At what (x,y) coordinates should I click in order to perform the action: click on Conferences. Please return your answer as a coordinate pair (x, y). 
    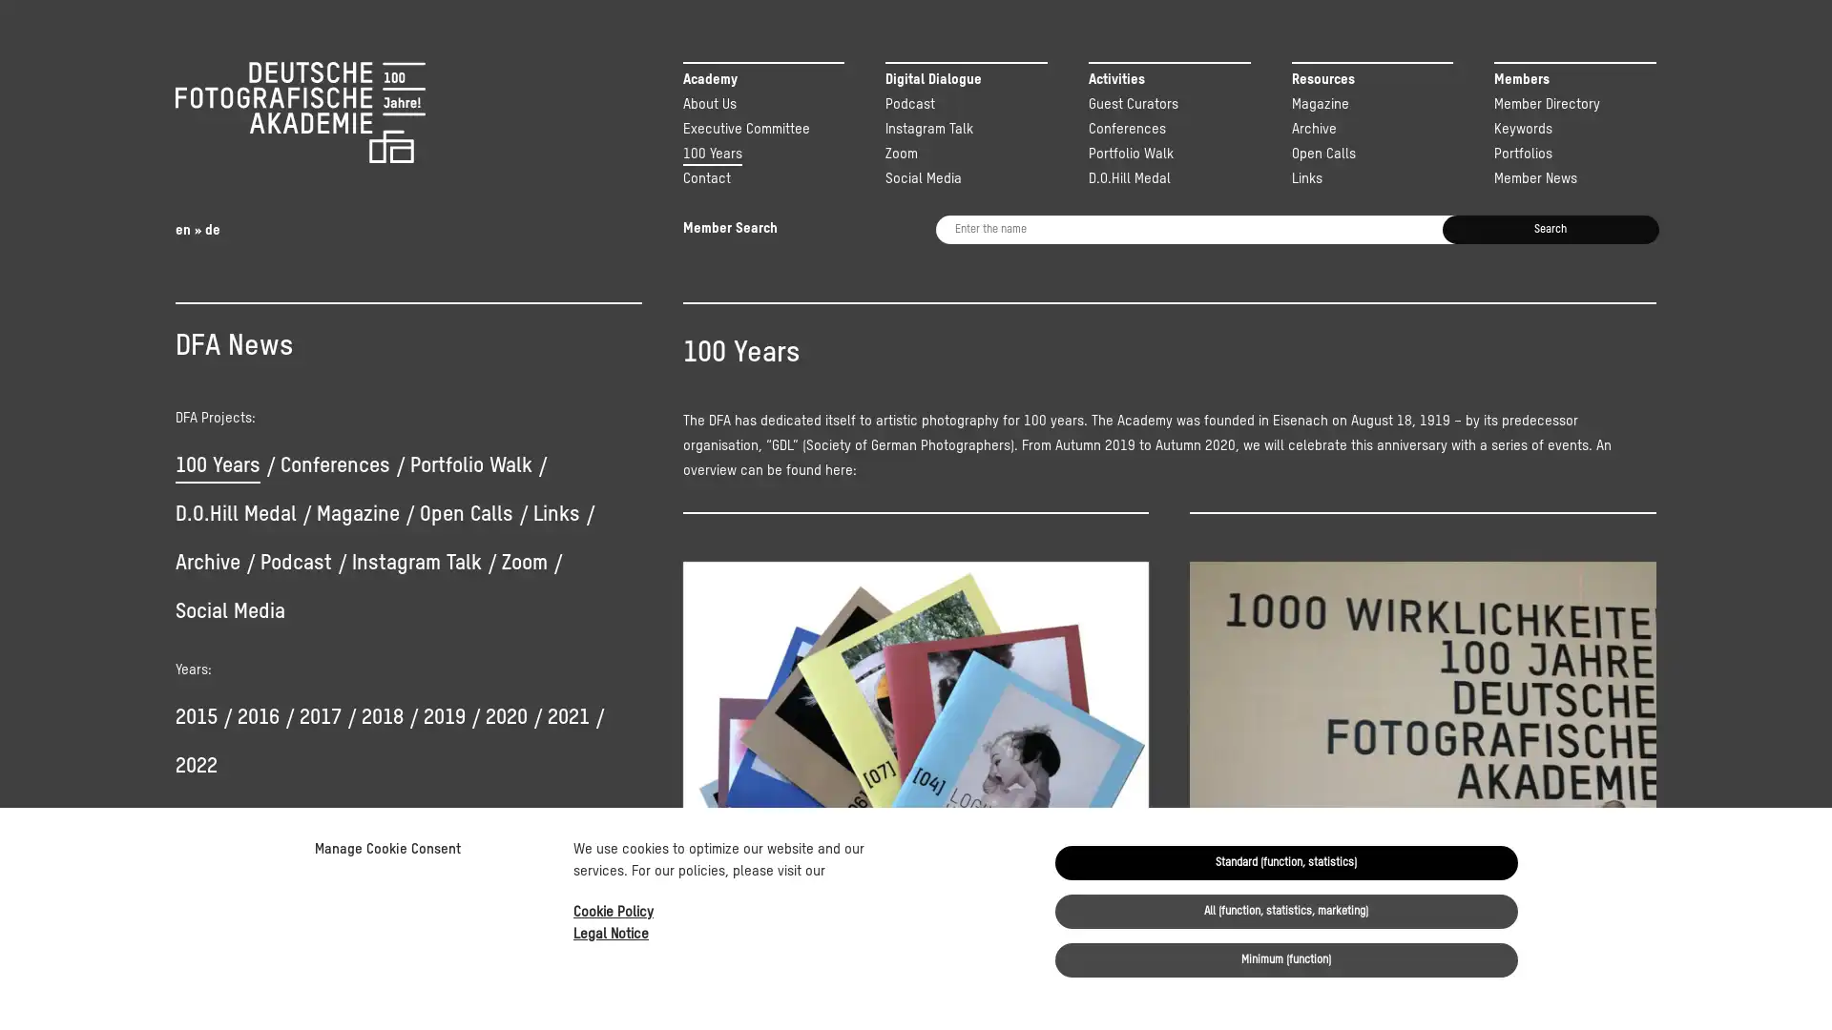
    Looking at the image, I should click on (335, 466).